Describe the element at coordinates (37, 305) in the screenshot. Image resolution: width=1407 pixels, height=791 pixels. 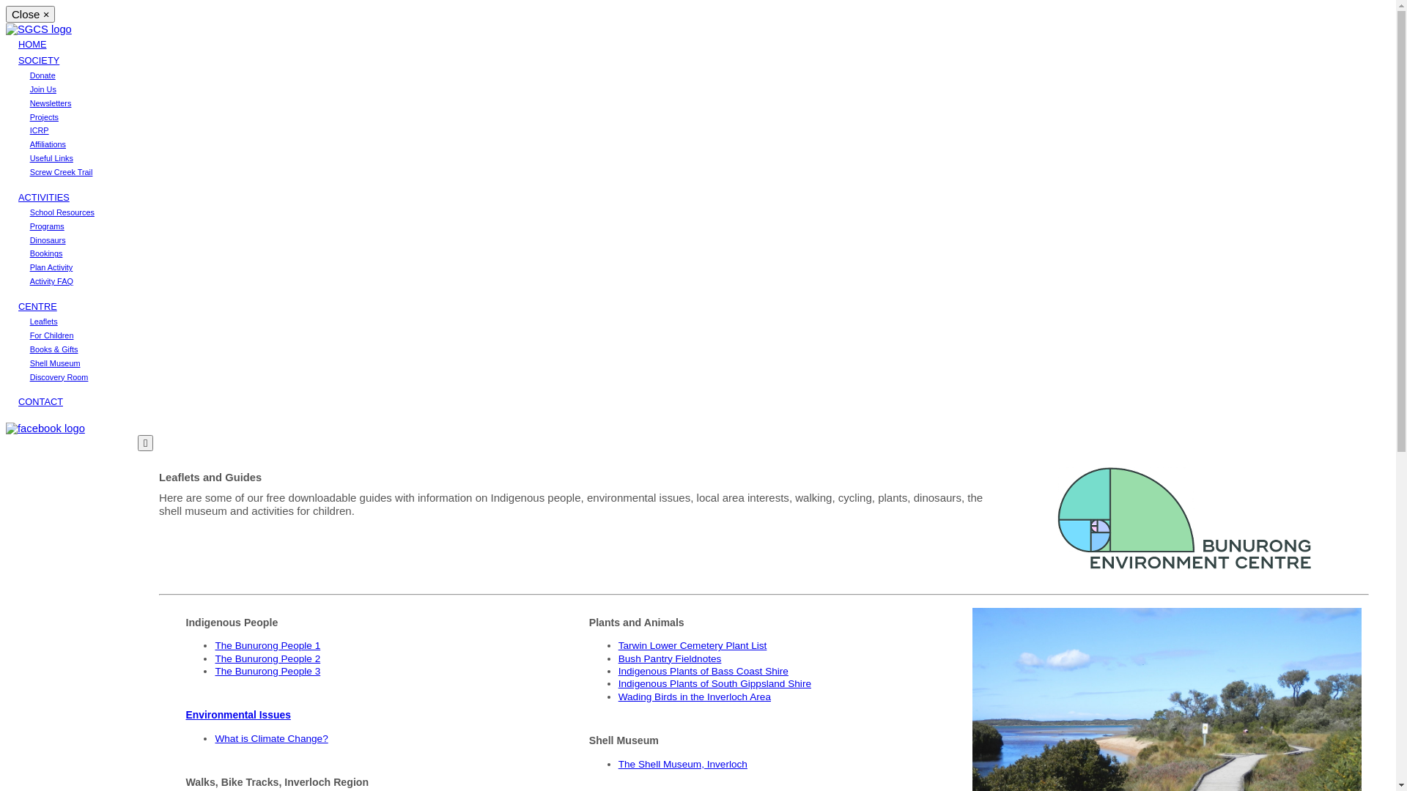
I see `'CENTRE'` at that location.